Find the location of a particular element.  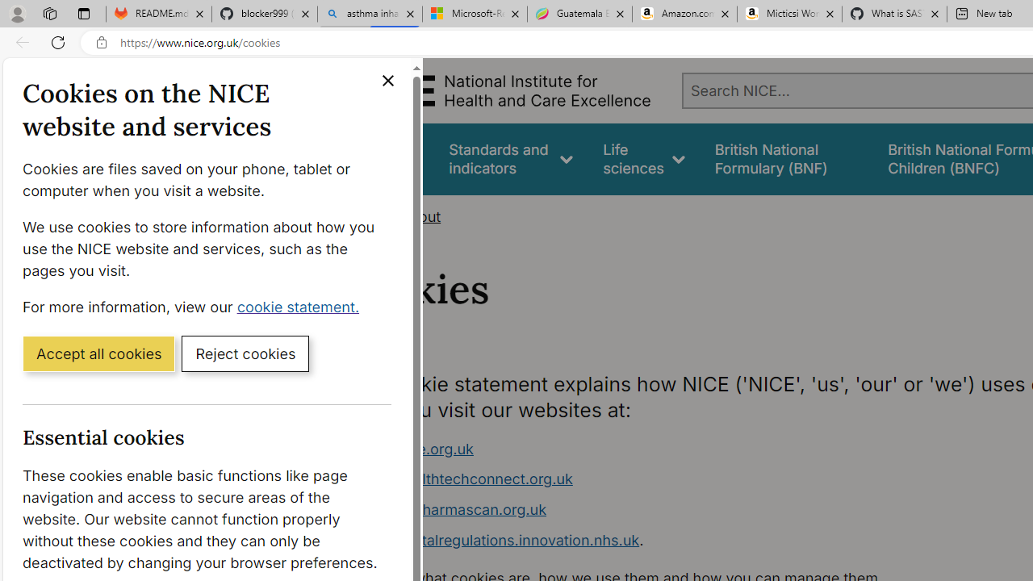

'Life sciences' is located at coordinates (643, 159).